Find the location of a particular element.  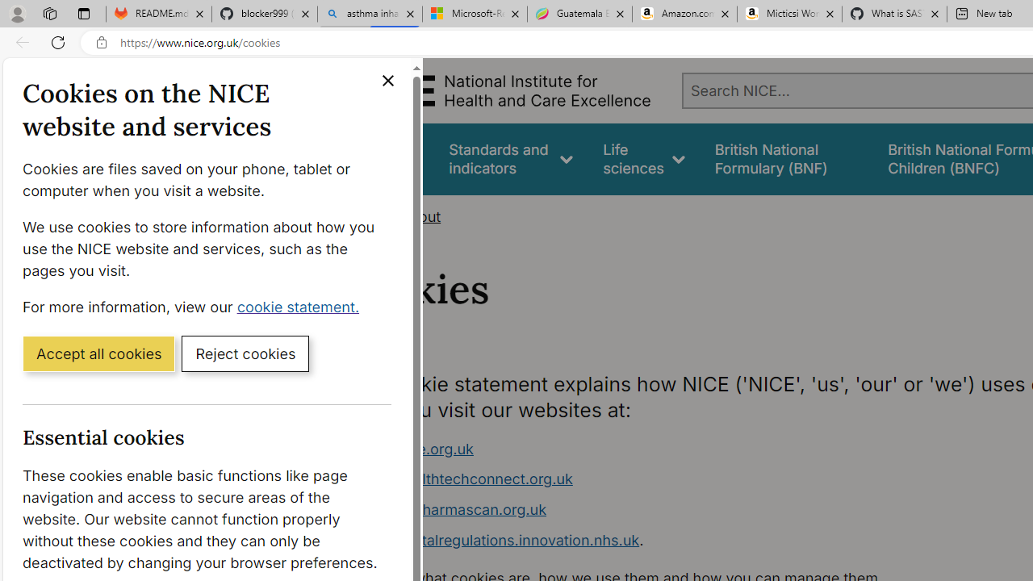

'Life sciences' is located at coordinates (643, 159).